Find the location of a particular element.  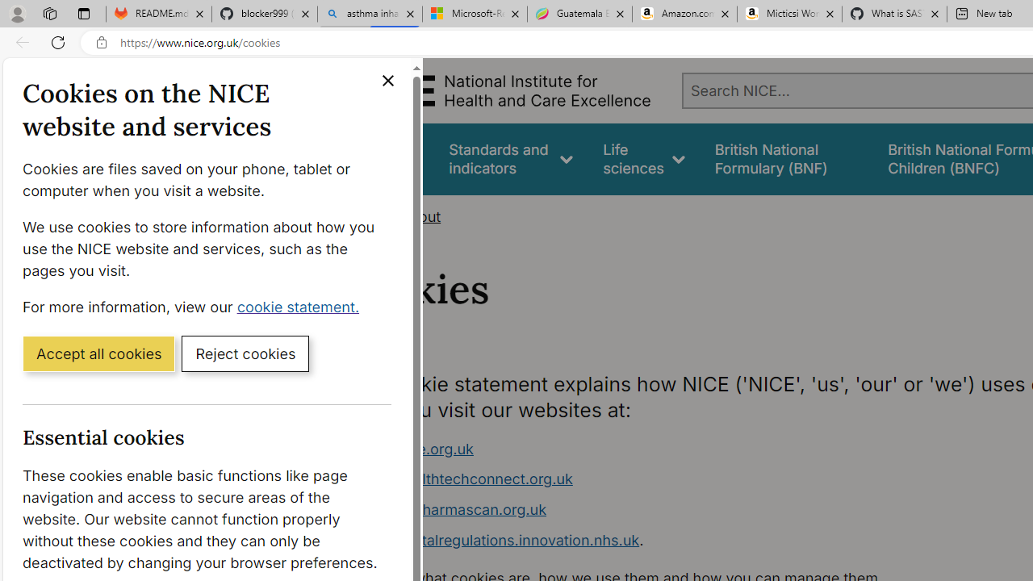

'Life sciences' is located at coordinates (643, 159).